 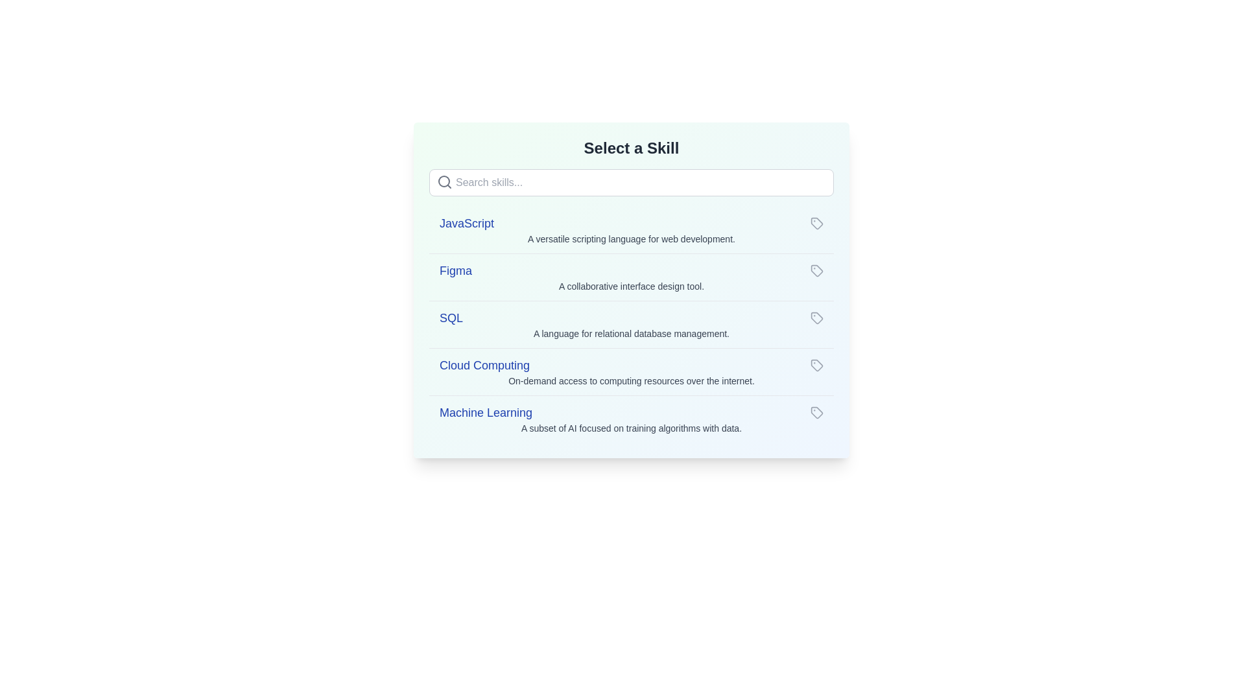 What do you see at coordinates (632, 323) in the screenshot?
I see `the third list item that provides information about the 'SQL' skill` at bounding box center [632, 323].